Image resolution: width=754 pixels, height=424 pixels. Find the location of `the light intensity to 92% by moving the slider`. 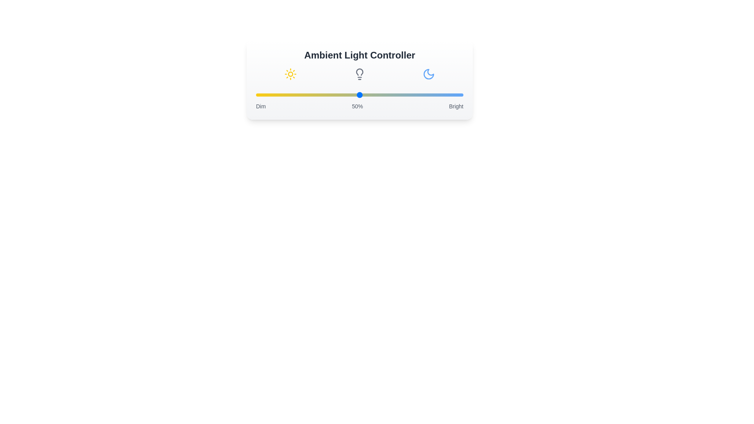

the light intensity to 92% by moving the slider is located at coordinates (447, 95).